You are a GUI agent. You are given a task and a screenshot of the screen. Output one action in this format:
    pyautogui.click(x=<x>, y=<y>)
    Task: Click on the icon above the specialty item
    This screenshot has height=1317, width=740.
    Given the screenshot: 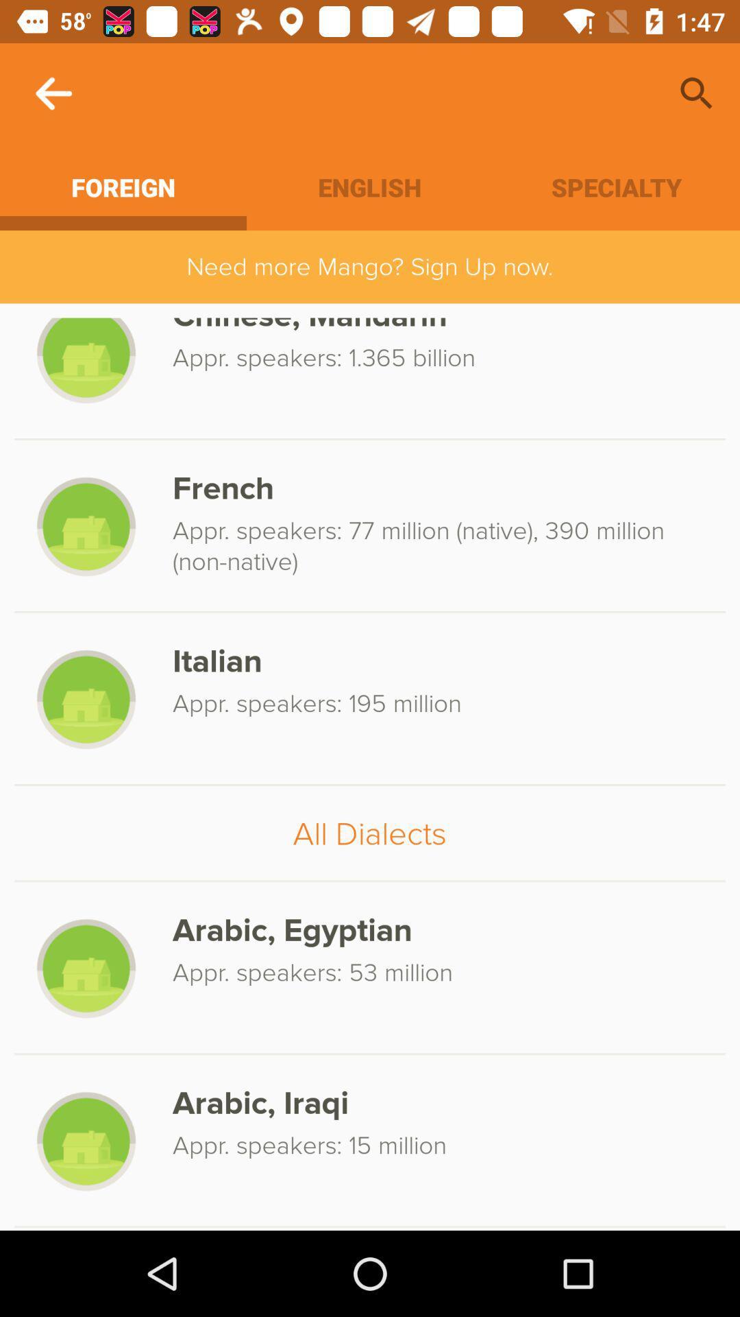 What is the action you would take?
    pyautogui.click(x=697, y=93)
    